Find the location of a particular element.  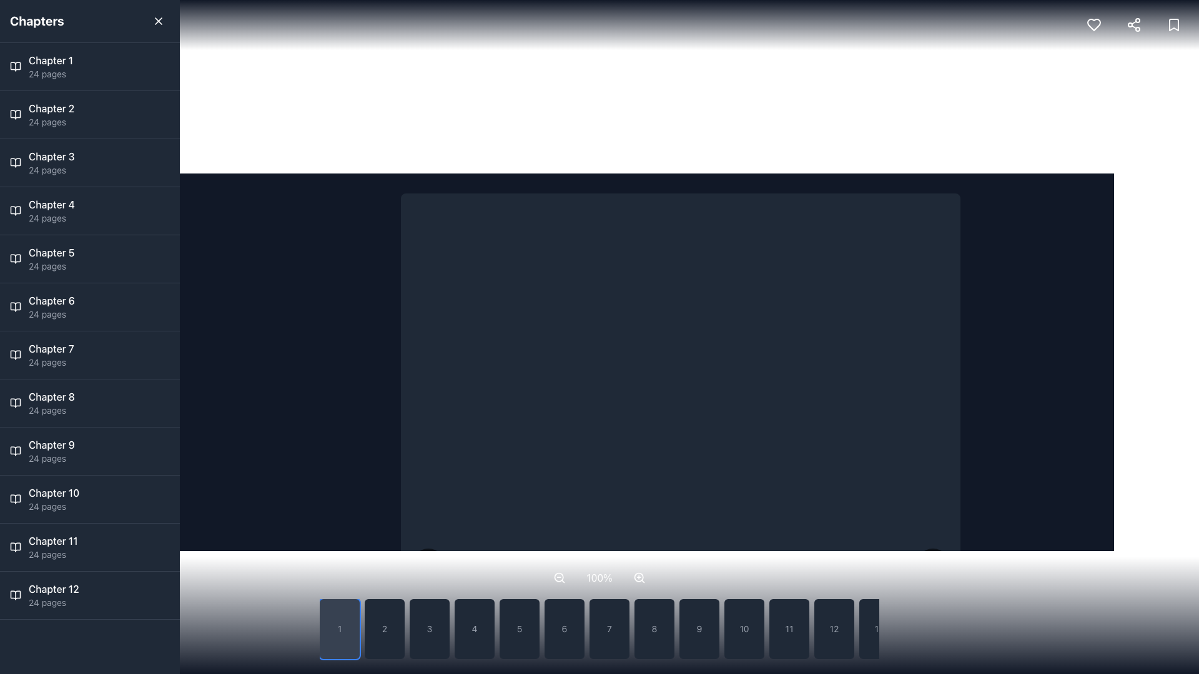

information displayed in the text label showing '24 pages' located below 'Chapter 7' in the sidebar list is located at coordinates (51, 363).